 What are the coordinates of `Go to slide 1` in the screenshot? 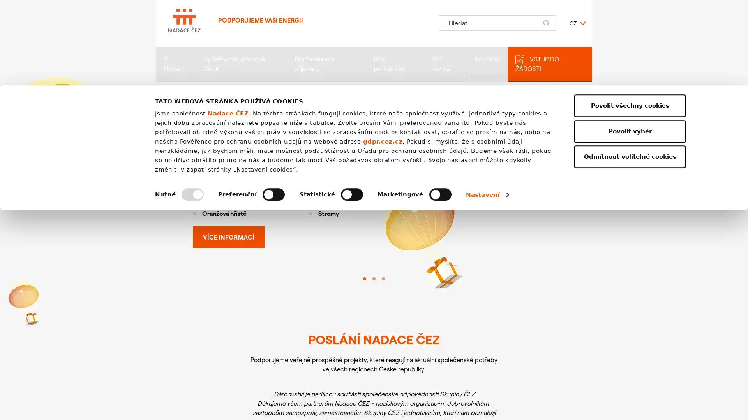 It's located at (364, 278).